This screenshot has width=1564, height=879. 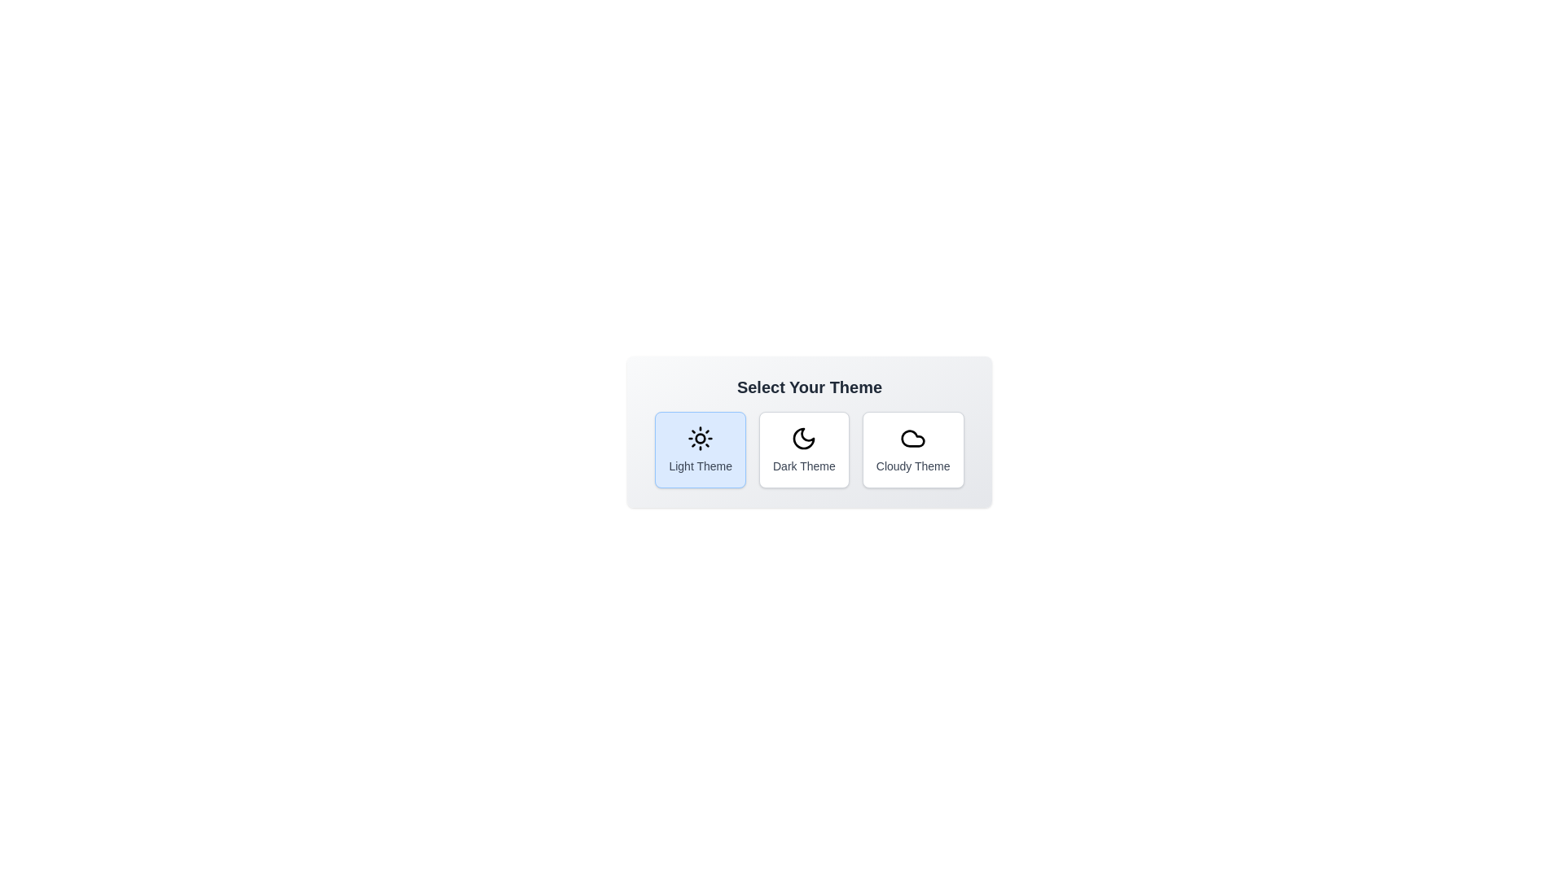 What do you see at coordinates (913, 438) in the screenshot?
I see `the interior part of the cloud icon representing the 'Cloudy Theme' option in the thematic selection interface` at bounding box center [913, 438].